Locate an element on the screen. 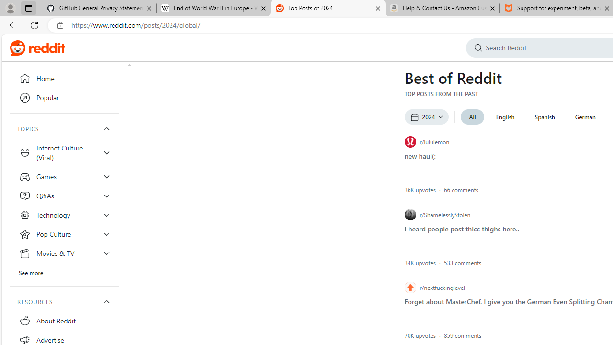 This screenshot has width=613, height=345. 'Help & Contact Us - Amazon Customer Service - Sleeping' is located at coordinates (442, 8).